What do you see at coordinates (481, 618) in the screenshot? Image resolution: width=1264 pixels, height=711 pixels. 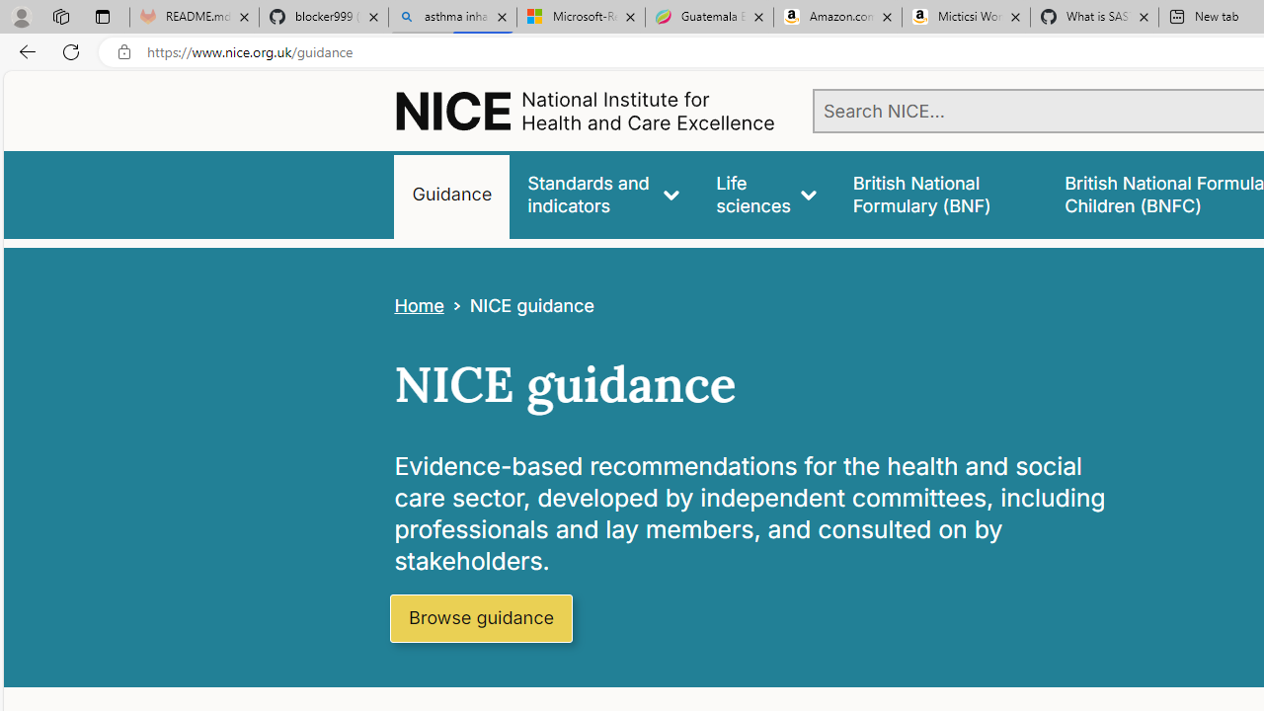 I see `'Browse guidance'` at bounding box center [481, 618].